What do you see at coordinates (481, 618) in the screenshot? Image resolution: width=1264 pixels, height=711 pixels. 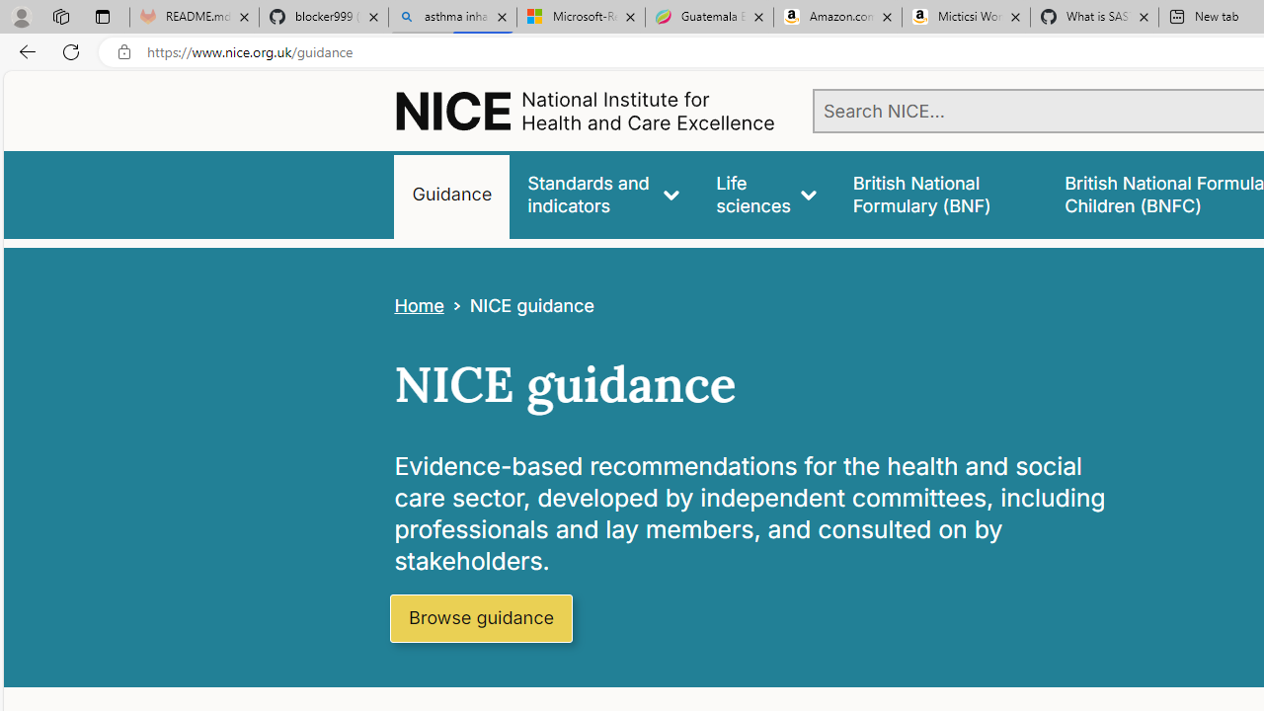 I see `'Browse guidance'` at bounding box center [481, 618].